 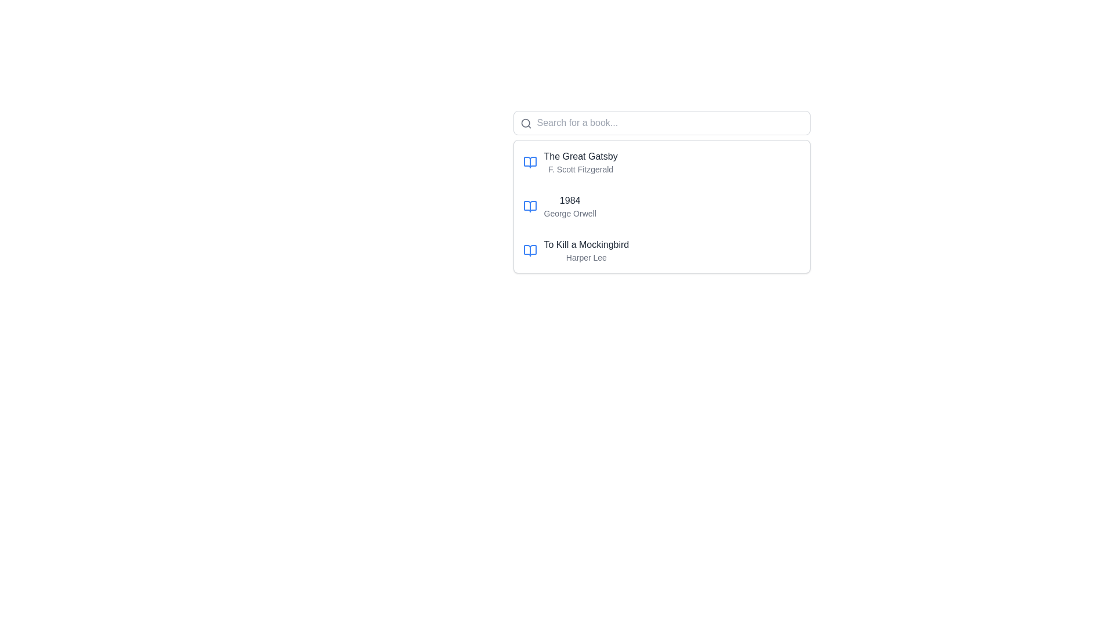 I want to click on the text label displaying the title 'The Great Gatsby' in the book list, which is located above the sibling text element 'F. Scott Fitzgerald', so click(x=581, y=157).